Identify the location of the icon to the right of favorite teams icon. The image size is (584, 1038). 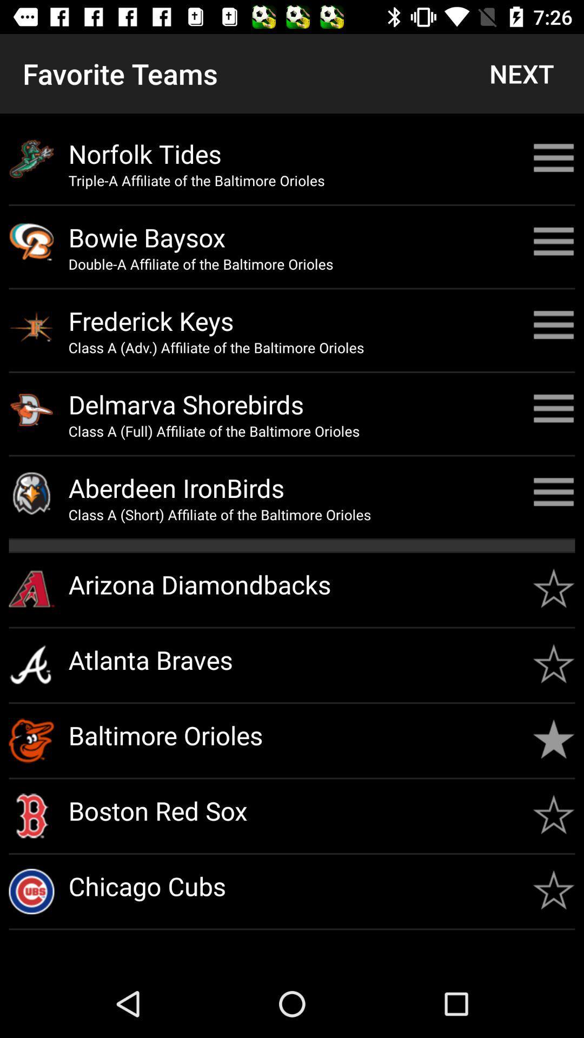
(521, 73).